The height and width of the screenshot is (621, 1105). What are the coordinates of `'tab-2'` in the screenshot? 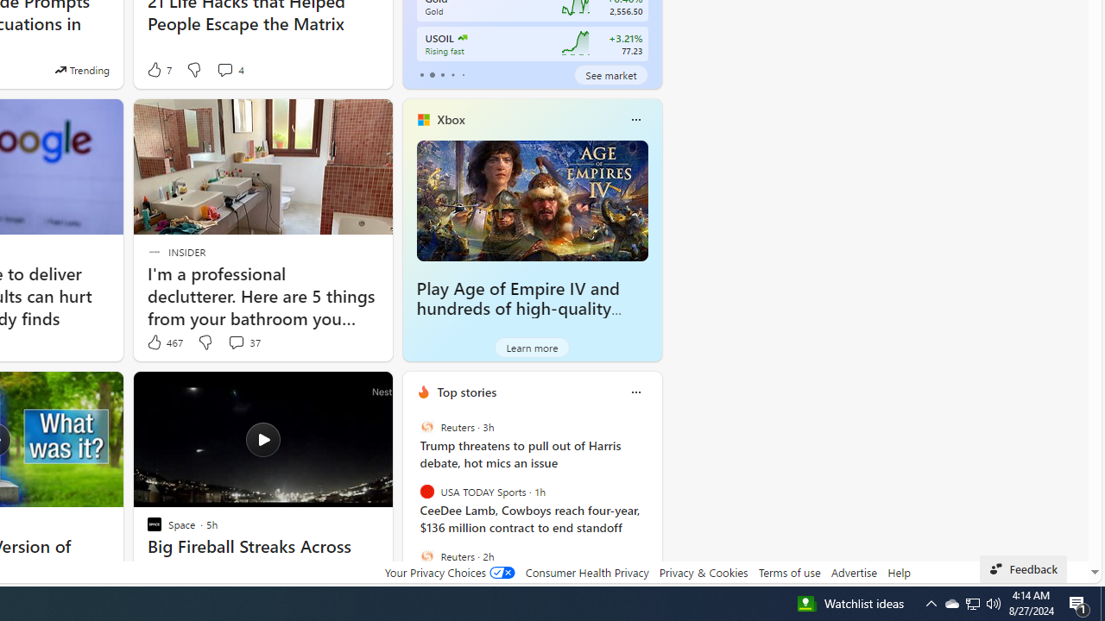 It's located at (442, 74).